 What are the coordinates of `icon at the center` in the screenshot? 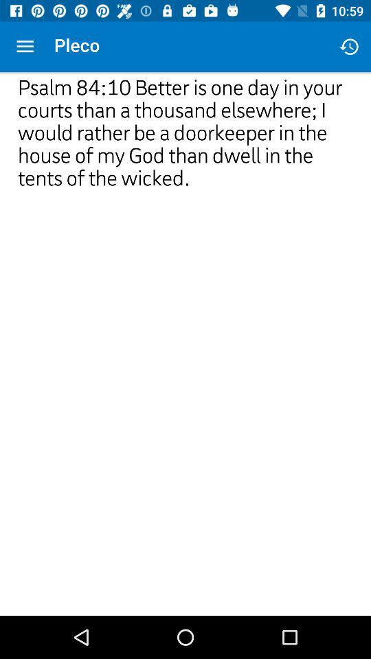 It's located at (185, 220).